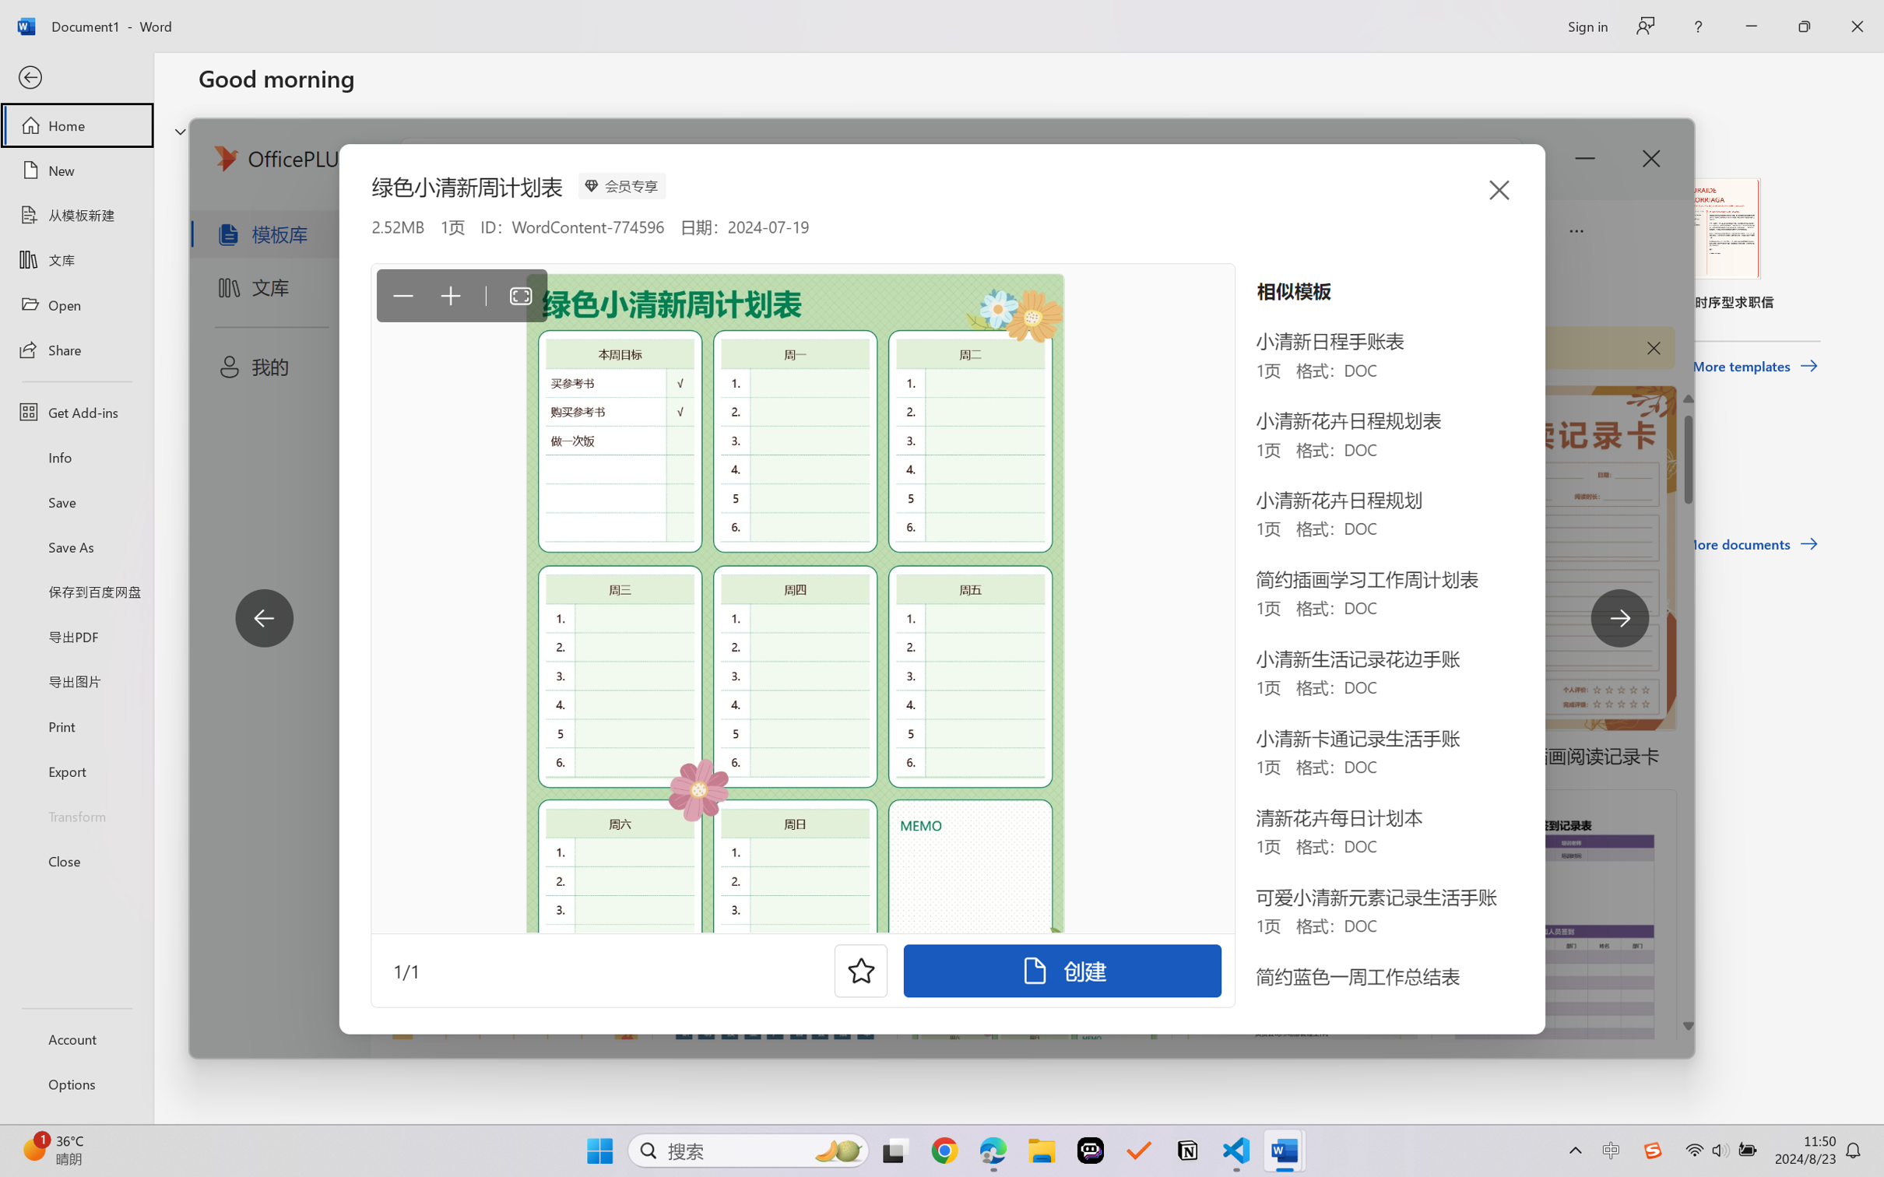  Describe the element at coordinates (76, 1083) in the screenshot. I see `'Options'` at that location.